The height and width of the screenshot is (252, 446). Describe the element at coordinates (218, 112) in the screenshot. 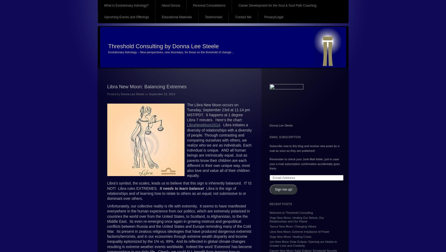

I see `'The Libra New Moon occurs on Tuesday, September 23rd at 11:14 pm MST/PDT.  It happens at 1 degree Libra 7 minutes.  Here’s the chart:'` at that location.